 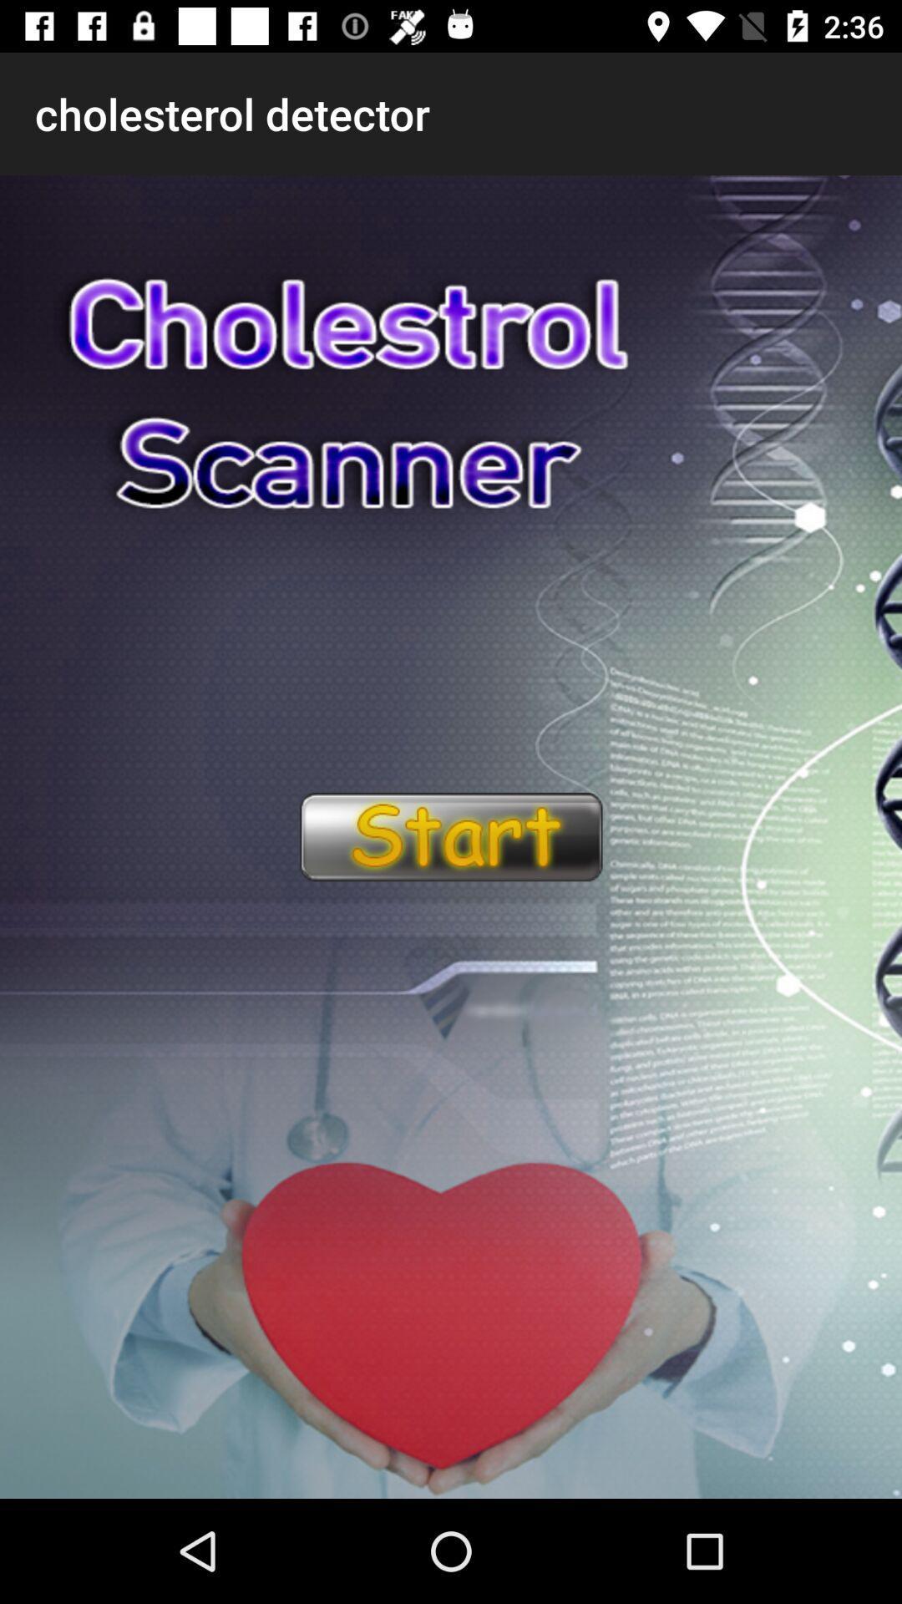 What do you see at coordinates (449, 837) in the screenshot?
I see `start` at bounding box center [449, 837].